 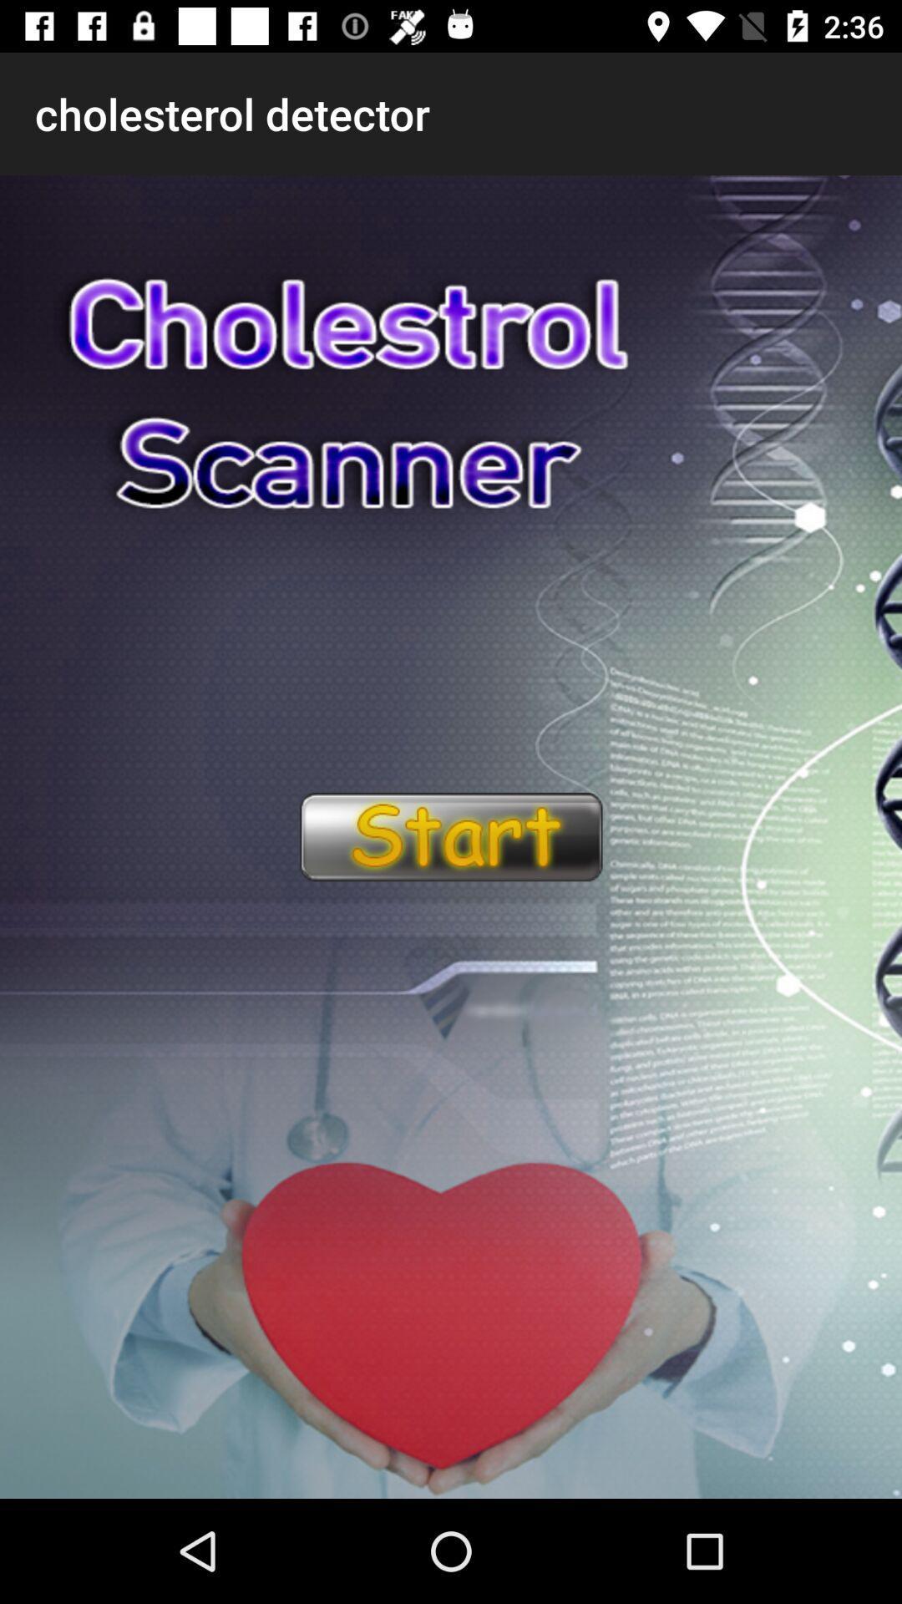 What do you see at coordinates (449, 837) in the screenshot?
I see `start` at bounding box center [449, 837].